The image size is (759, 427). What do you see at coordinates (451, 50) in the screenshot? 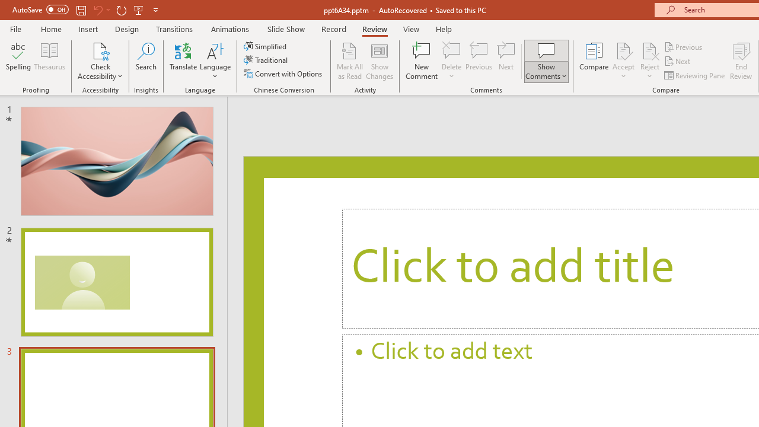
I see `'Delete'` at bounding box center [451, 50].